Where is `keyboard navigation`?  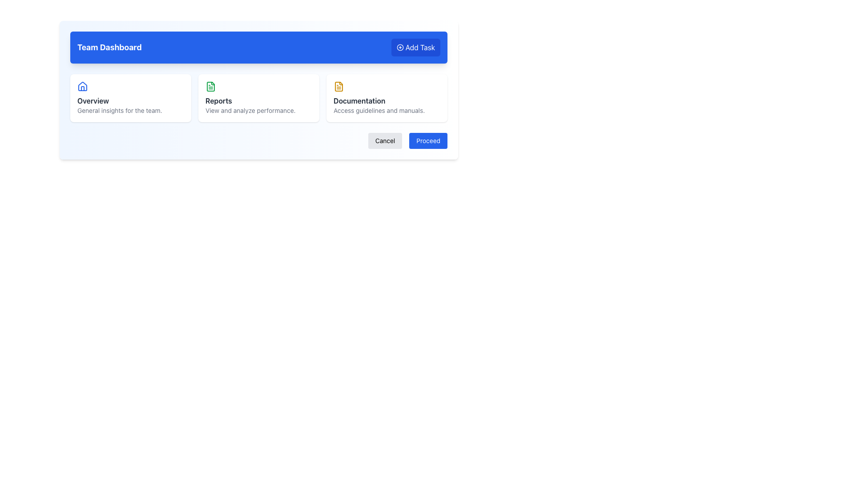 keyboard navigation is located at coordinates (415, 48).